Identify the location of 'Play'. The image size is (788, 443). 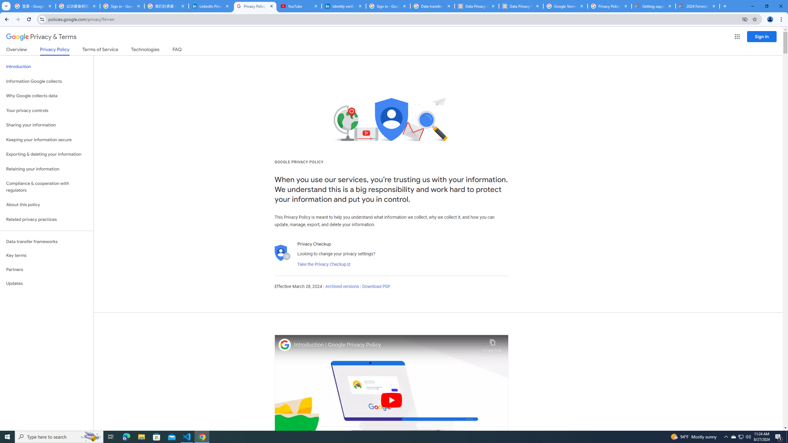
(391, 400).